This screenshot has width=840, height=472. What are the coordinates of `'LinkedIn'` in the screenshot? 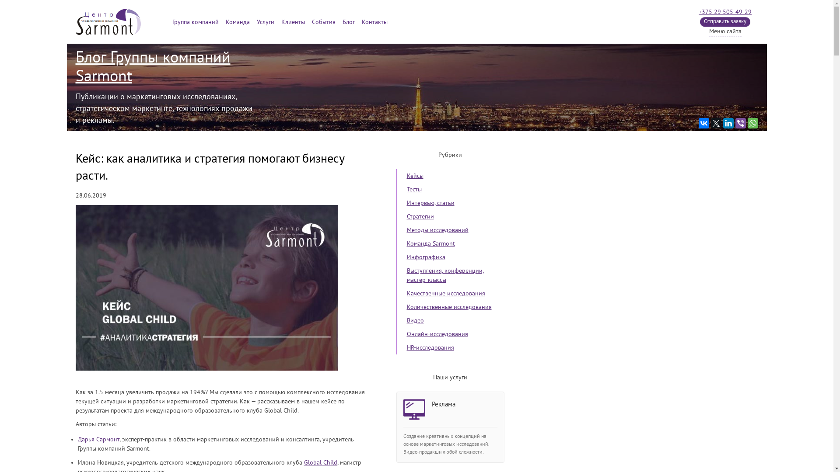 It's located at (728, 123).